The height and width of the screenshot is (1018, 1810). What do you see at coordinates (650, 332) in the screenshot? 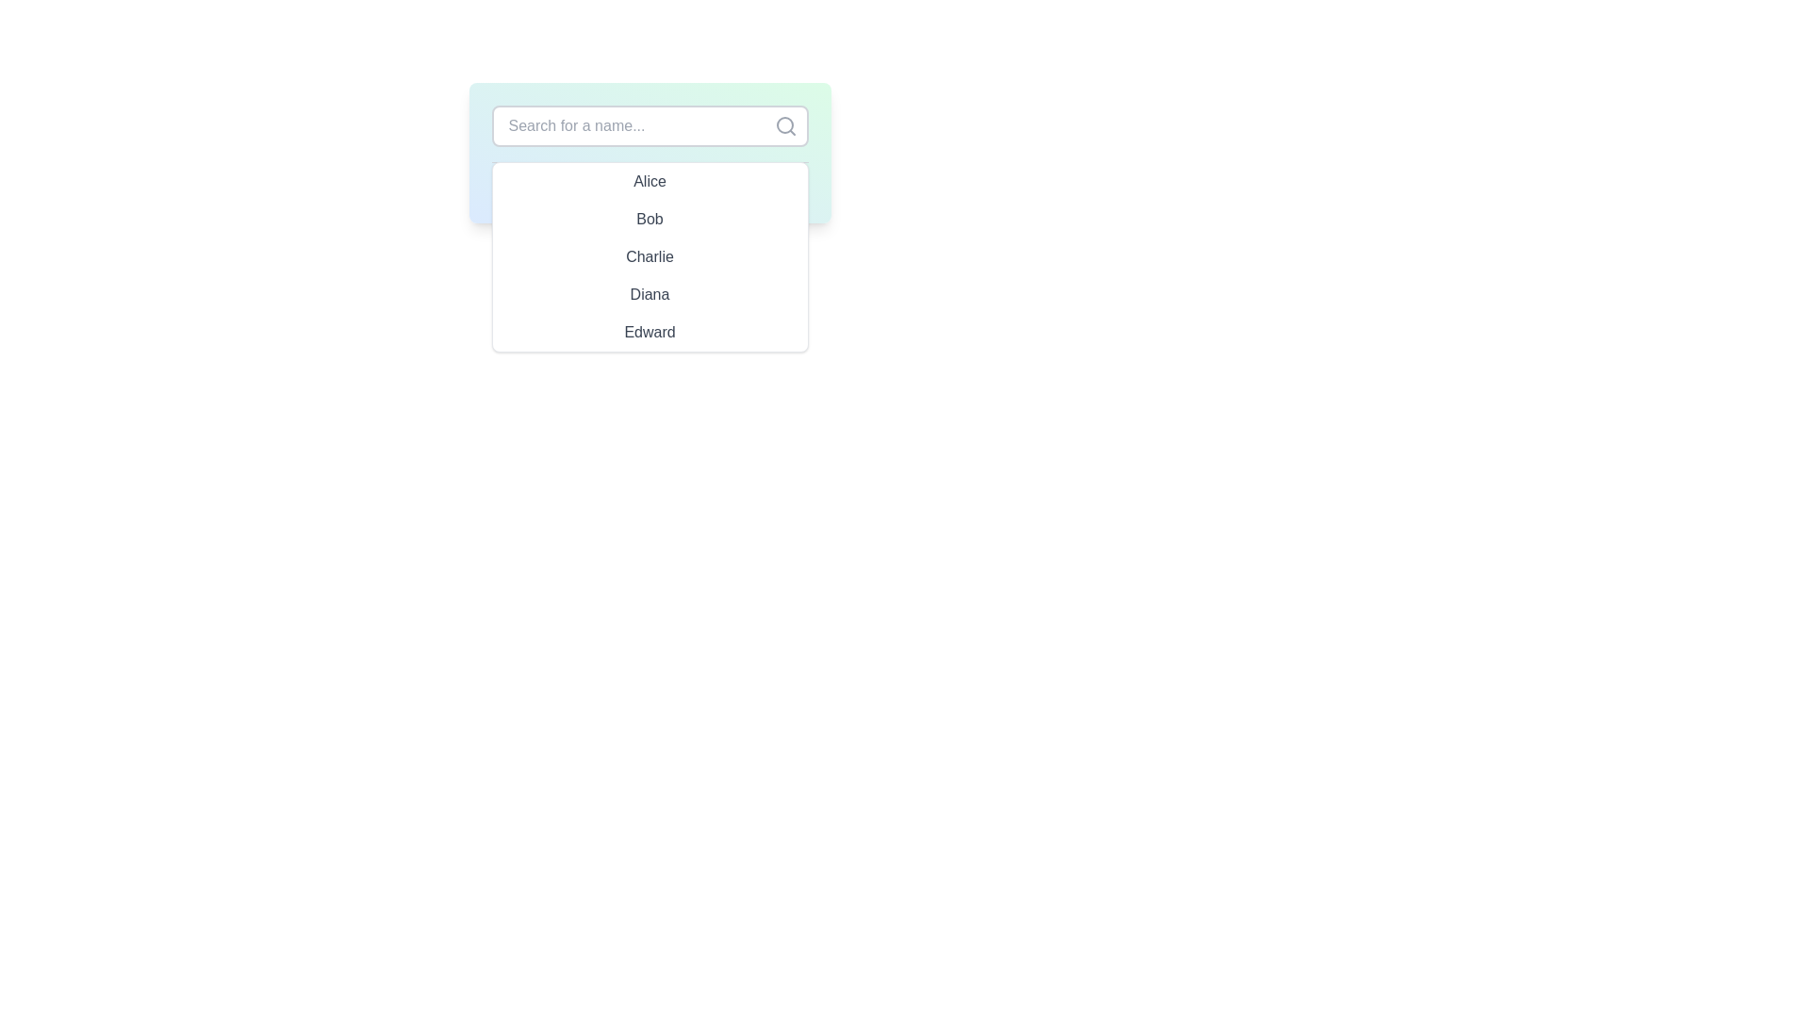
I see `the fifth item in the dropdown list` at bounding box center [650, 332].